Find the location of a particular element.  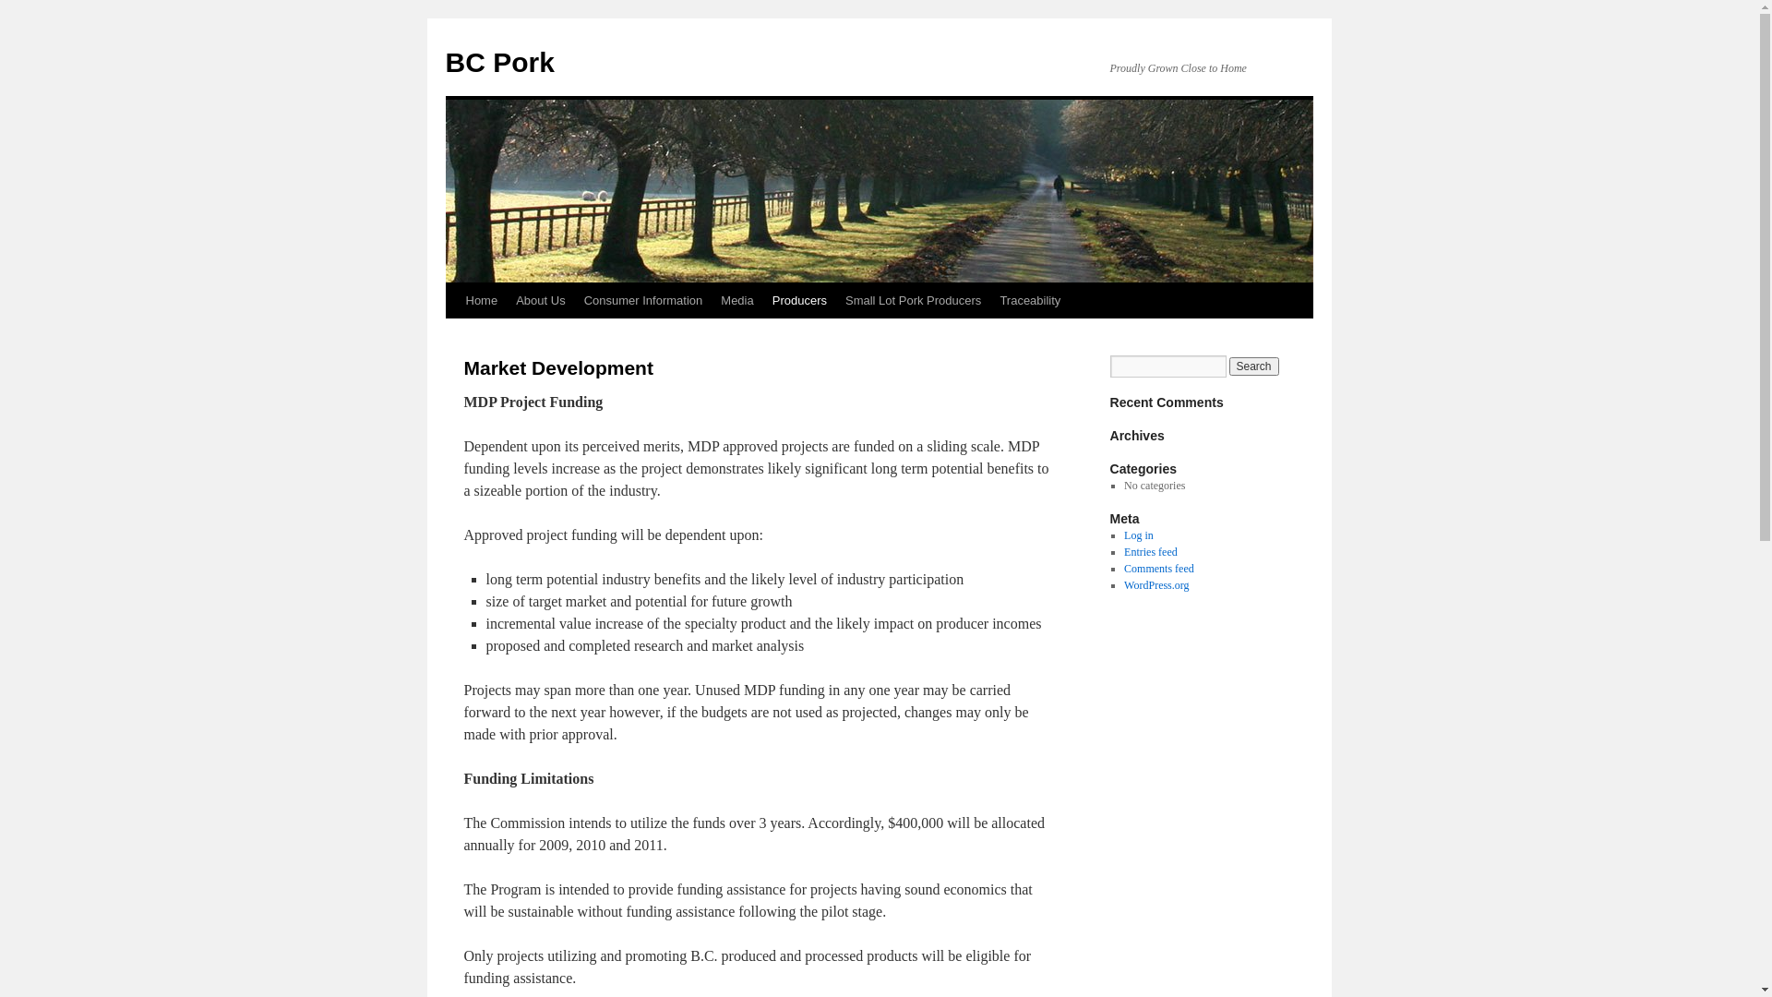

'WordPress.org' is located at coordinates (1123, 584).